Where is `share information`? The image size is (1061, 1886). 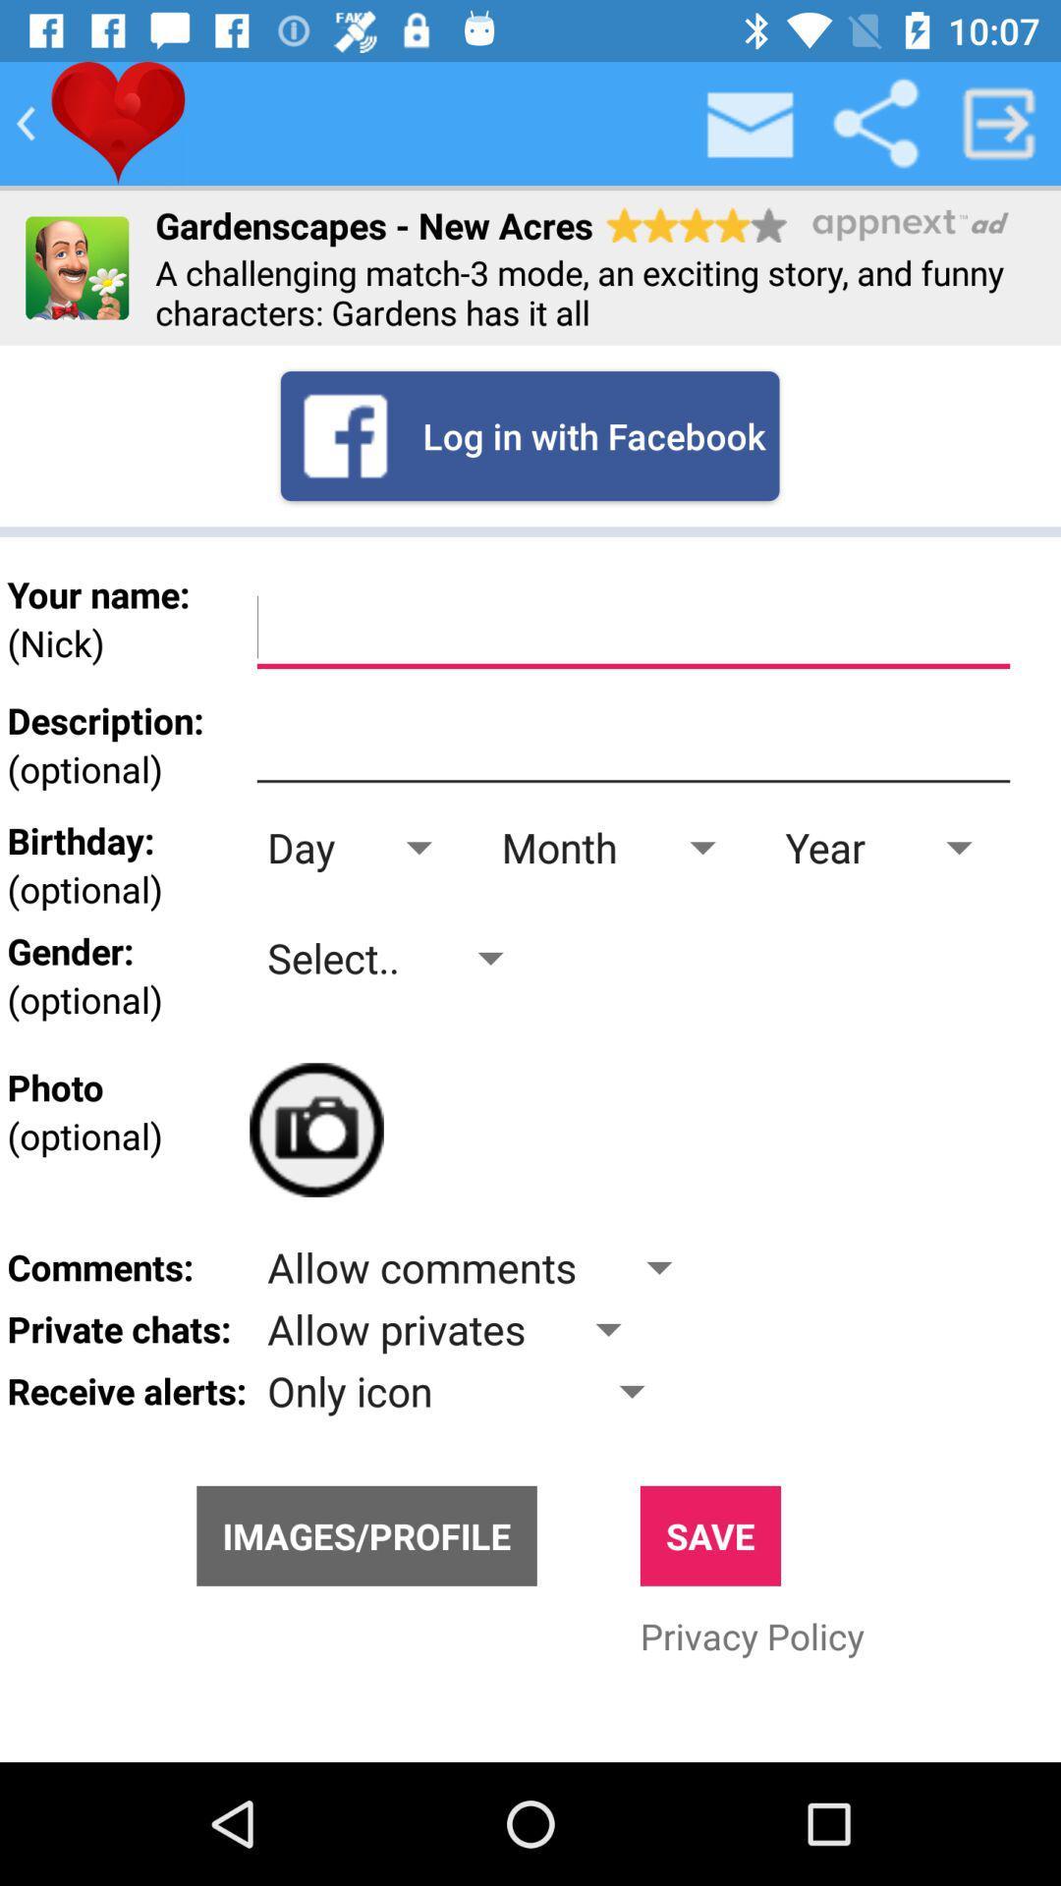
share information is located at coordinates (874, 122).